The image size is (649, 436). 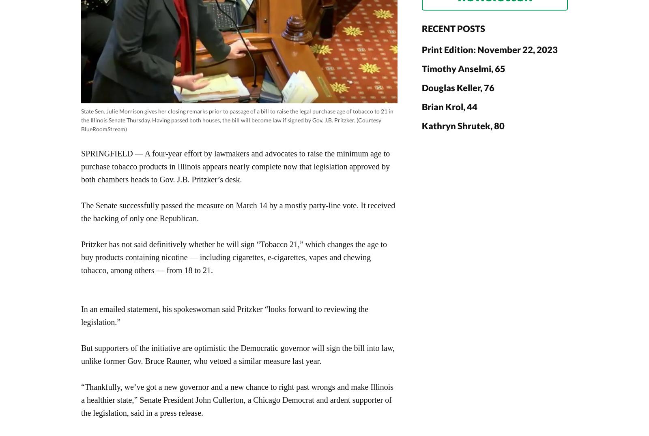 I want to click on 'The Senate successfully passed the measure on March 14 by a mostly party-line vote. It received the backing of only one Republican.', so click(x=81, y=211).